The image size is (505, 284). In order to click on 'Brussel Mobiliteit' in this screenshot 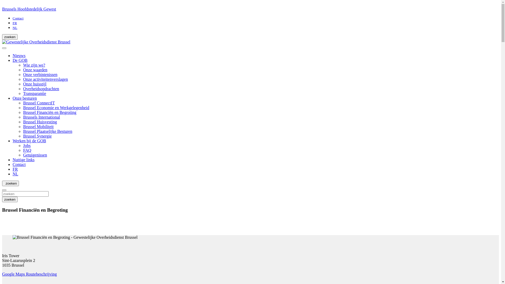, I will do `click(38, 126)`.